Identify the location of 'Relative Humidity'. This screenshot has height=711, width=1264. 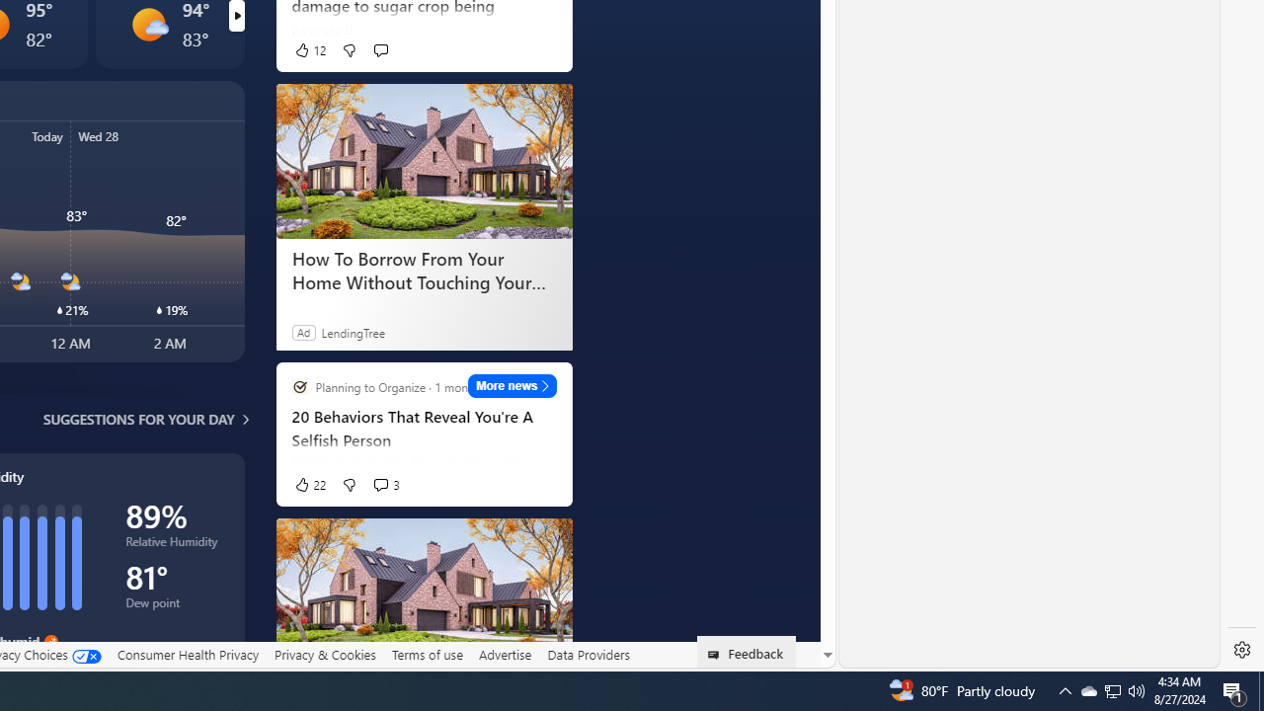
(175, 545).